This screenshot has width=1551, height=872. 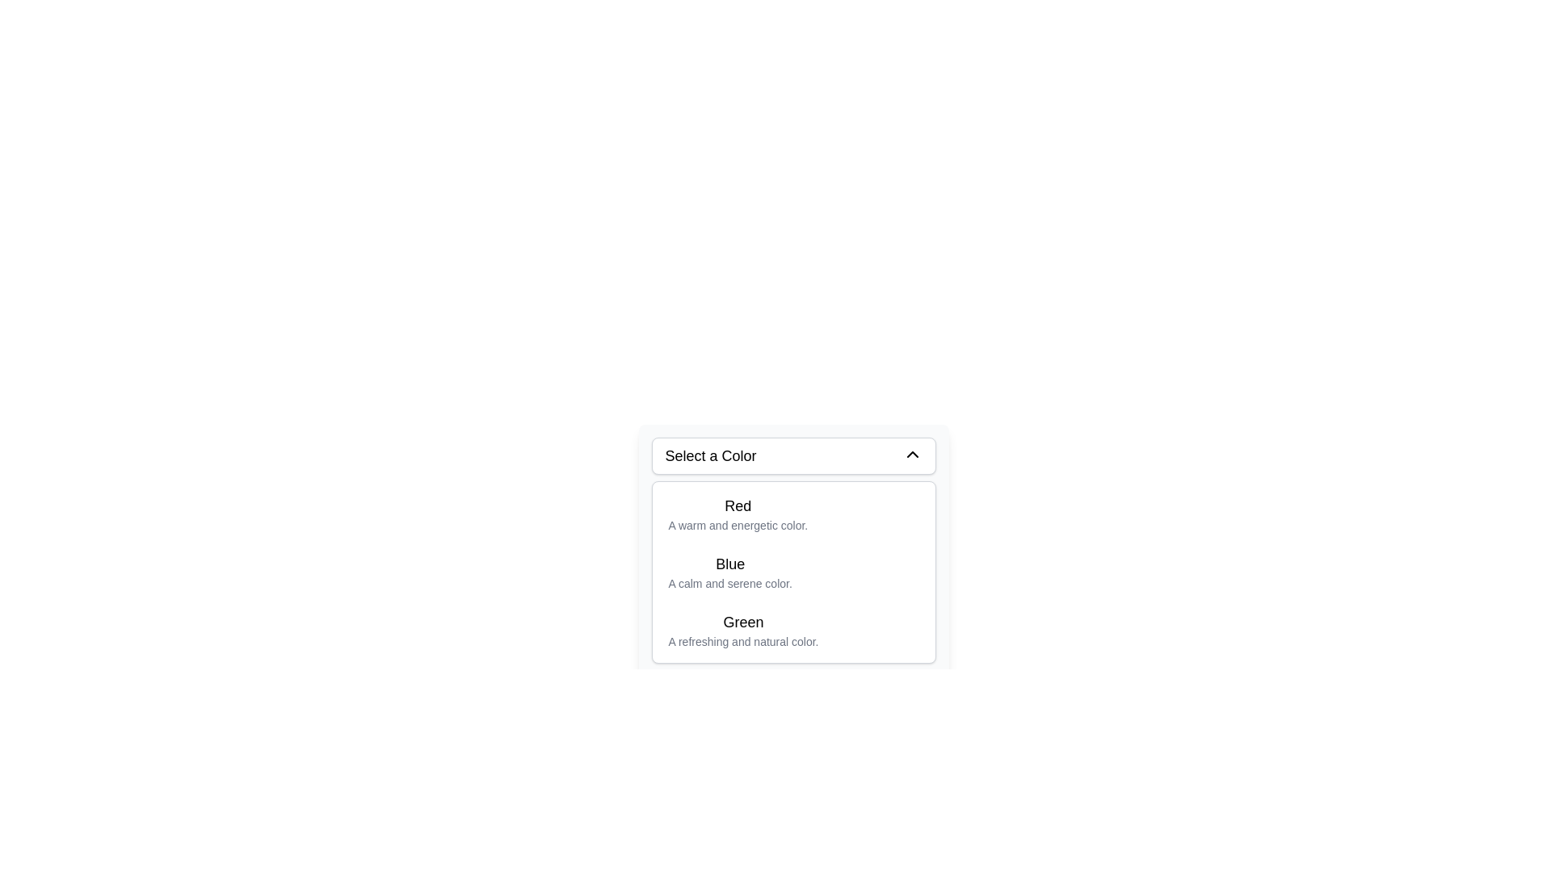 What do you see at coordinates (793, 572) in the screenshot?
I see `color names and descriptions from the dropdown list, which includes options for 'Red', 'Blue', and 'Green', with 'Blue' being the middle option` at bounding box center [793, 572].